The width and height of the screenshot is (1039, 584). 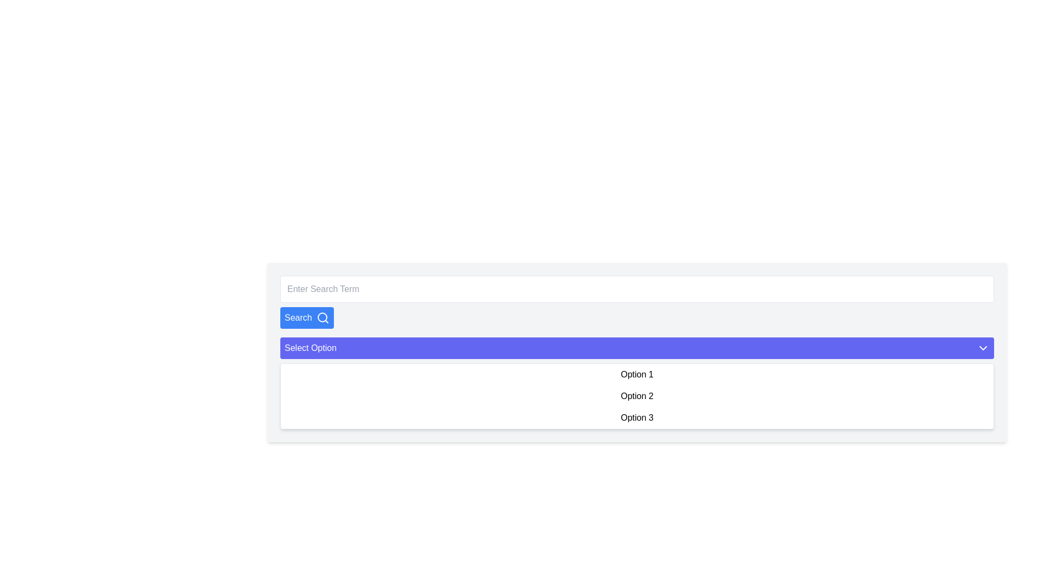 I want to click on the text label that says 'Option 3' in the dropdown list, so click(x=637, y=417).